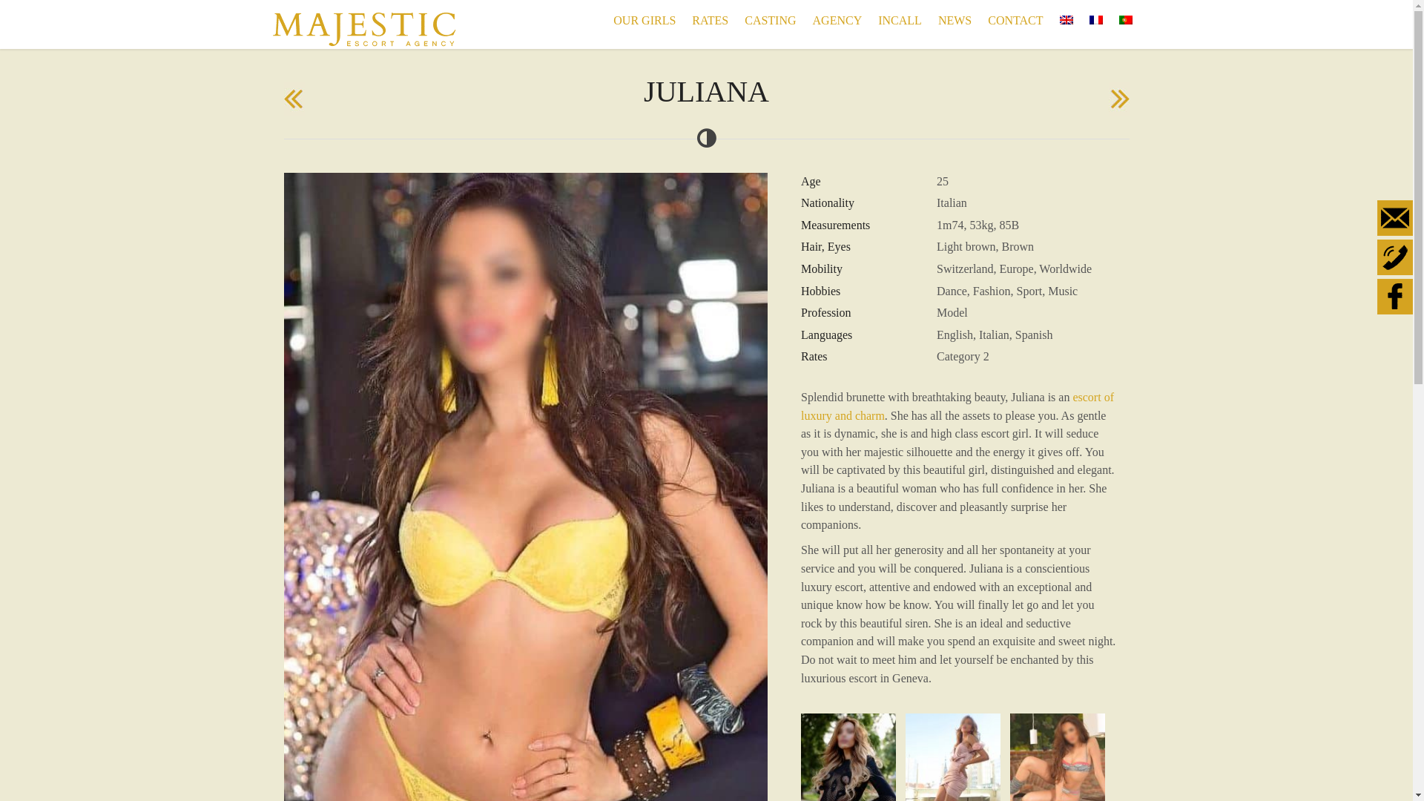 Image resolution: width=1424 pixels, height=801 pixels. Describe the element at coordinates (1064, 20) in the screenshot. I see `'English'` at that location.